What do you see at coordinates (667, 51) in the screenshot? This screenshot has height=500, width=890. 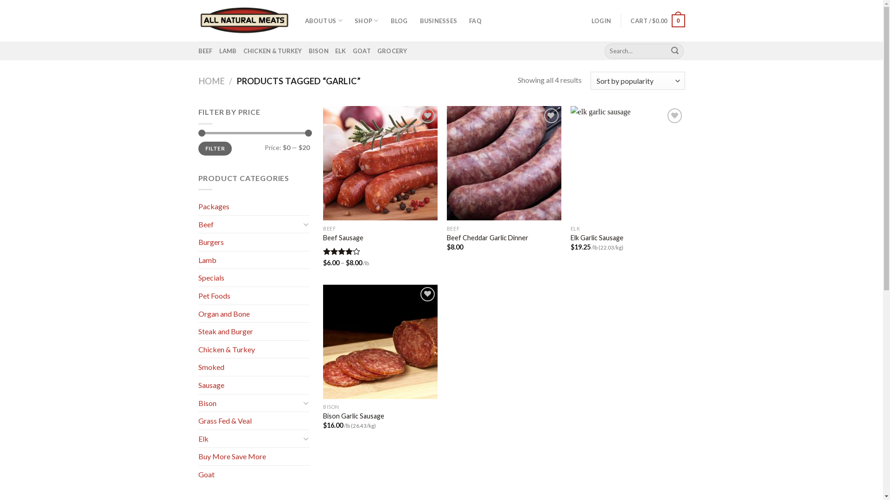 I see `'Search'` at bounding box center [667, 51].